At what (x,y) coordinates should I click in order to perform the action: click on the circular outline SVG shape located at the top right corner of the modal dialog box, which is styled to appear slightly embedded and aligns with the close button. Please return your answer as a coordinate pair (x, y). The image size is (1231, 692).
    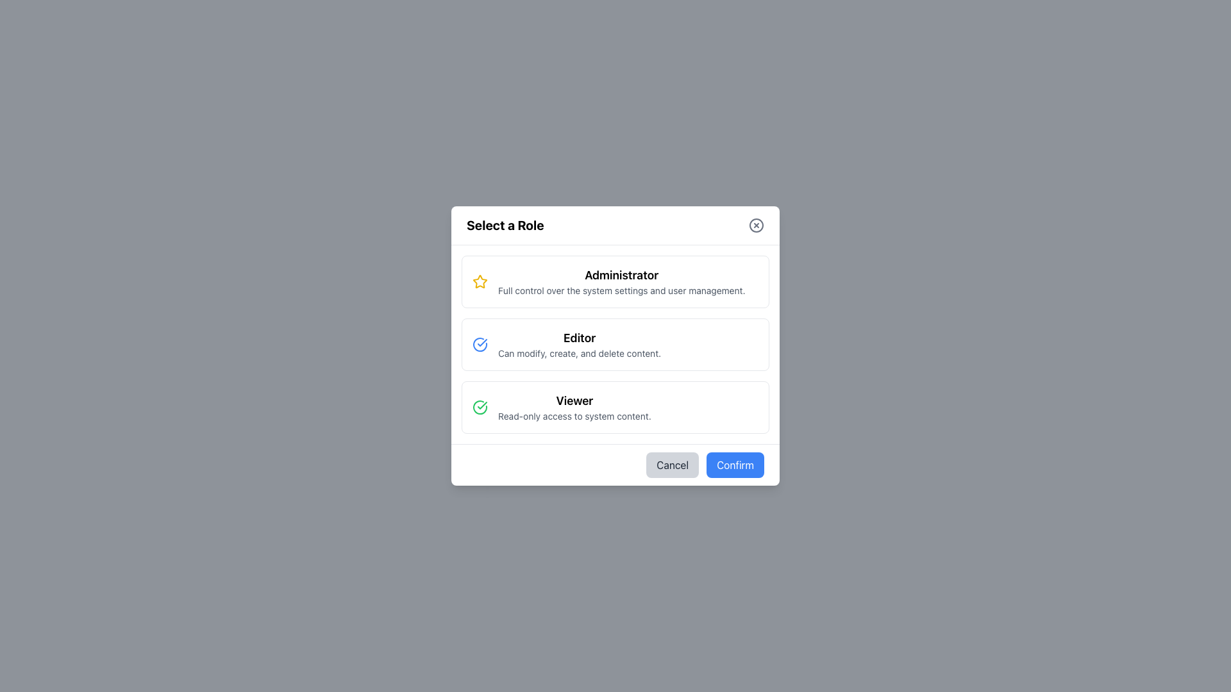
    Looking at the image, I should click on (757, 224).